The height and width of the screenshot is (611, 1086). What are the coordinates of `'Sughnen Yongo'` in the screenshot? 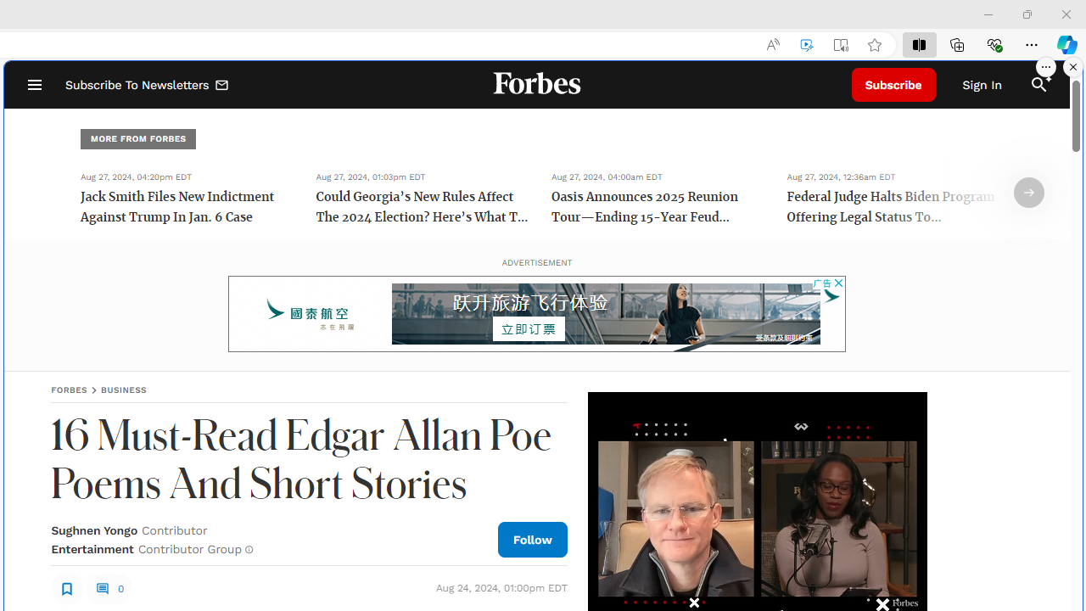 It's located at (93, 529).